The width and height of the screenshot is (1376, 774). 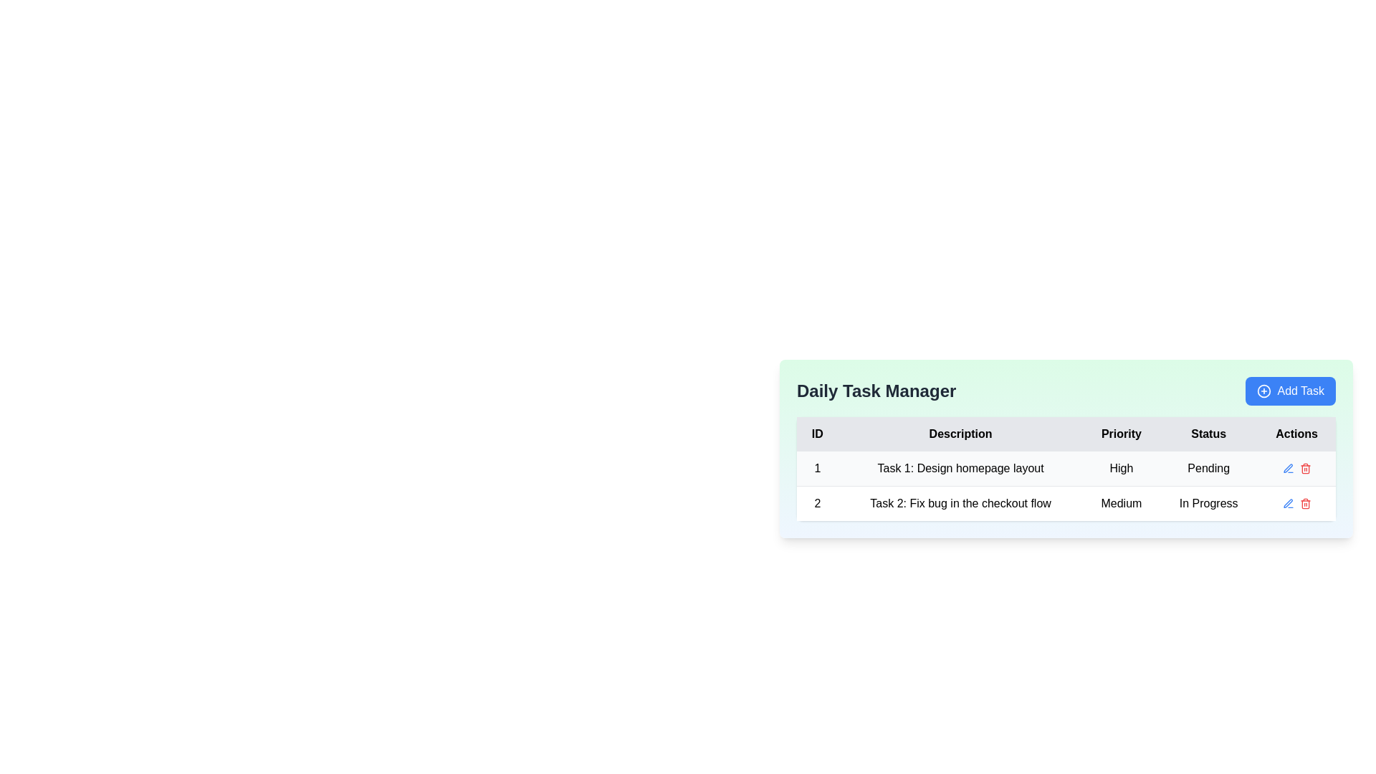 I want to click on the circular '+' icon outlined in white, located on the blue background before the 'Add Task' text in the Daily Task Manager interface to invoke the add task action, so click(x=1264, y=391).